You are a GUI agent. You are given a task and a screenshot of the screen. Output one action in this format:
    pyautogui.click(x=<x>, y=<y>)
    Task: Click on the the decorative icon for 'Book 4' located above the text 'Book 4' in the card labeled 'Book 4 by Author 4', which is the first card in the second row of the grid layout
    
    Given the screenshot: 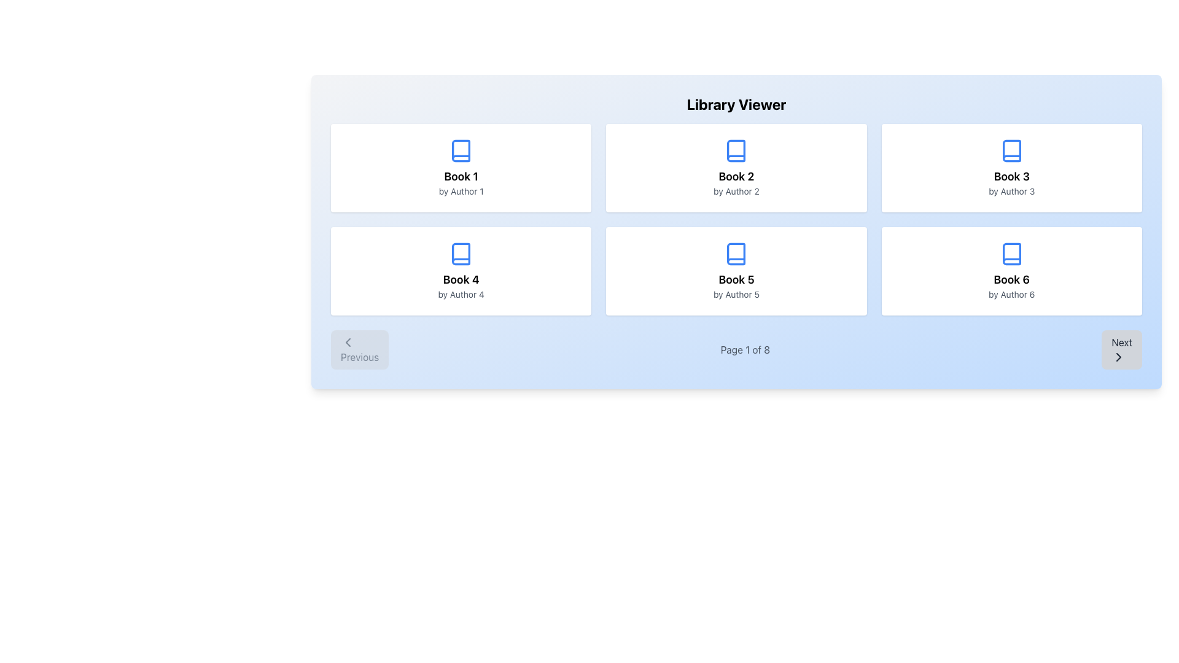 What is the action you would take?
    pyautogui.click(x=461, y=253)
    